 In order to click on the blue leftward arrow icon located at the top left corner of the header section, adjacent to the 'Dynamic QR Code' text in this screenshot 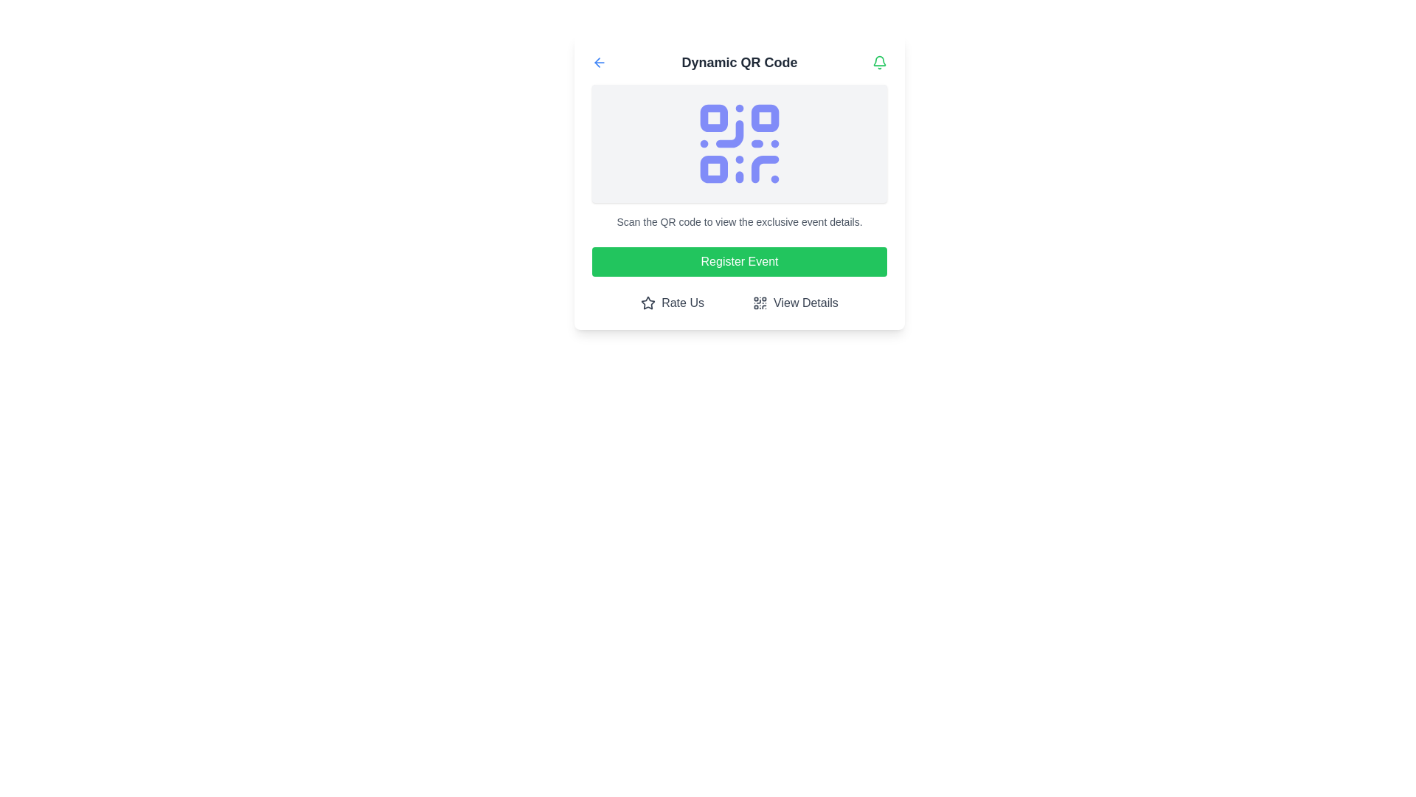, I will do `click(599, 61)`.